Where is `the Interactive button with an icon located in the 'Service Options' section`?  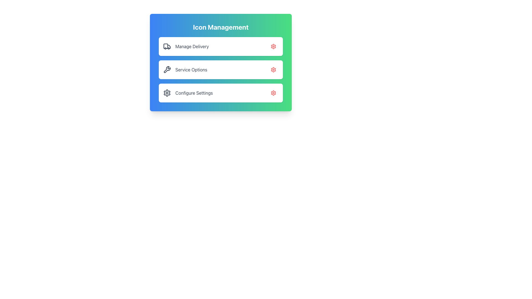
the Interactive button with an icon located in the 'Service Options' section is located at coordinates (273, 69).